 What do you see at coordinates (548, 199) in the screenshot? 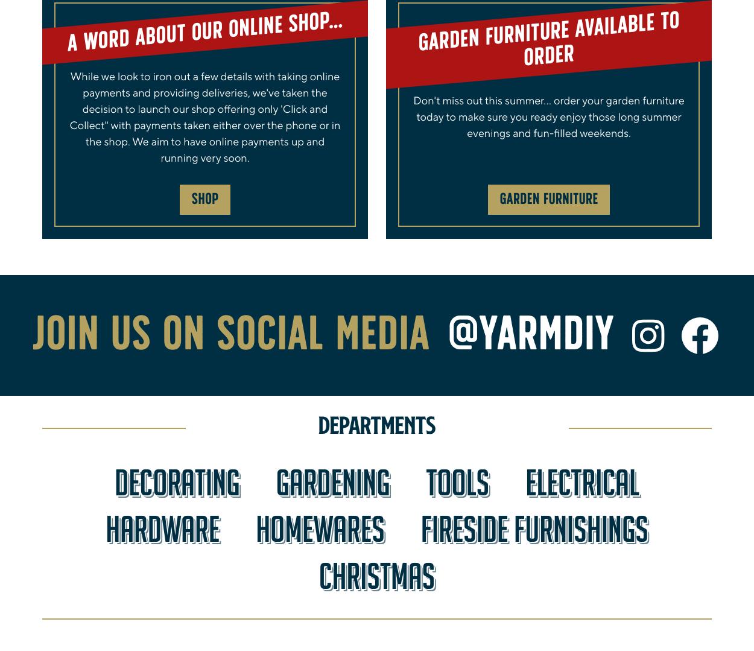
I see `'Garden Furniture'` at bounding box center [548, 199].